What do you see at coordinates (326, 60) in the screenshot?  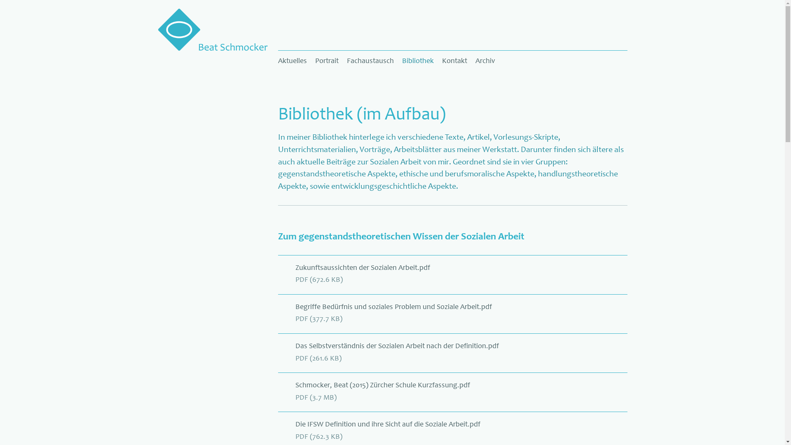 I see `'Portrait'` at bounding box center [326, 60].